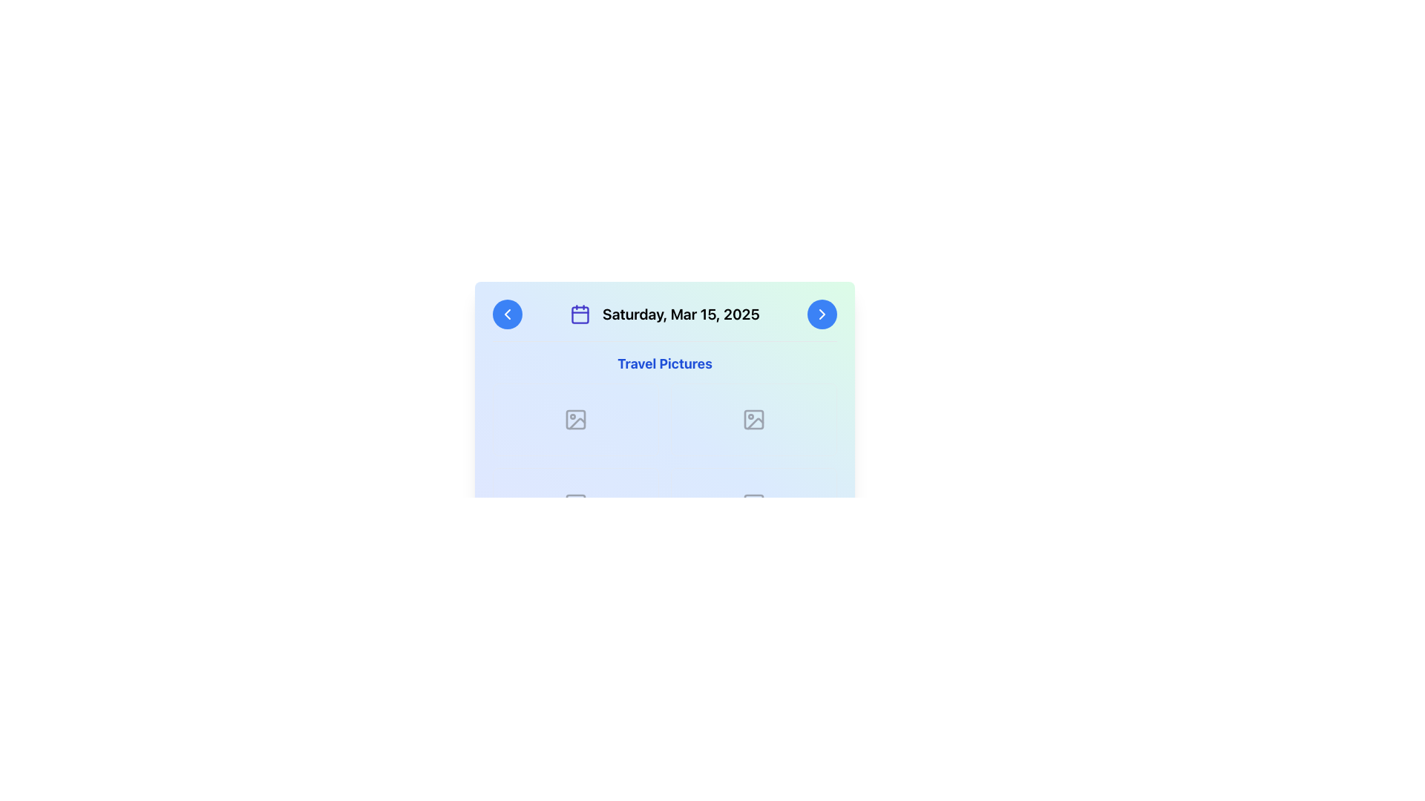  Describe the element at coordinates (580, 314) in the screenshot. I see `the small blue calendar icon located to the left of the text 'Saturday, Mar 15, 2025'` at that location.